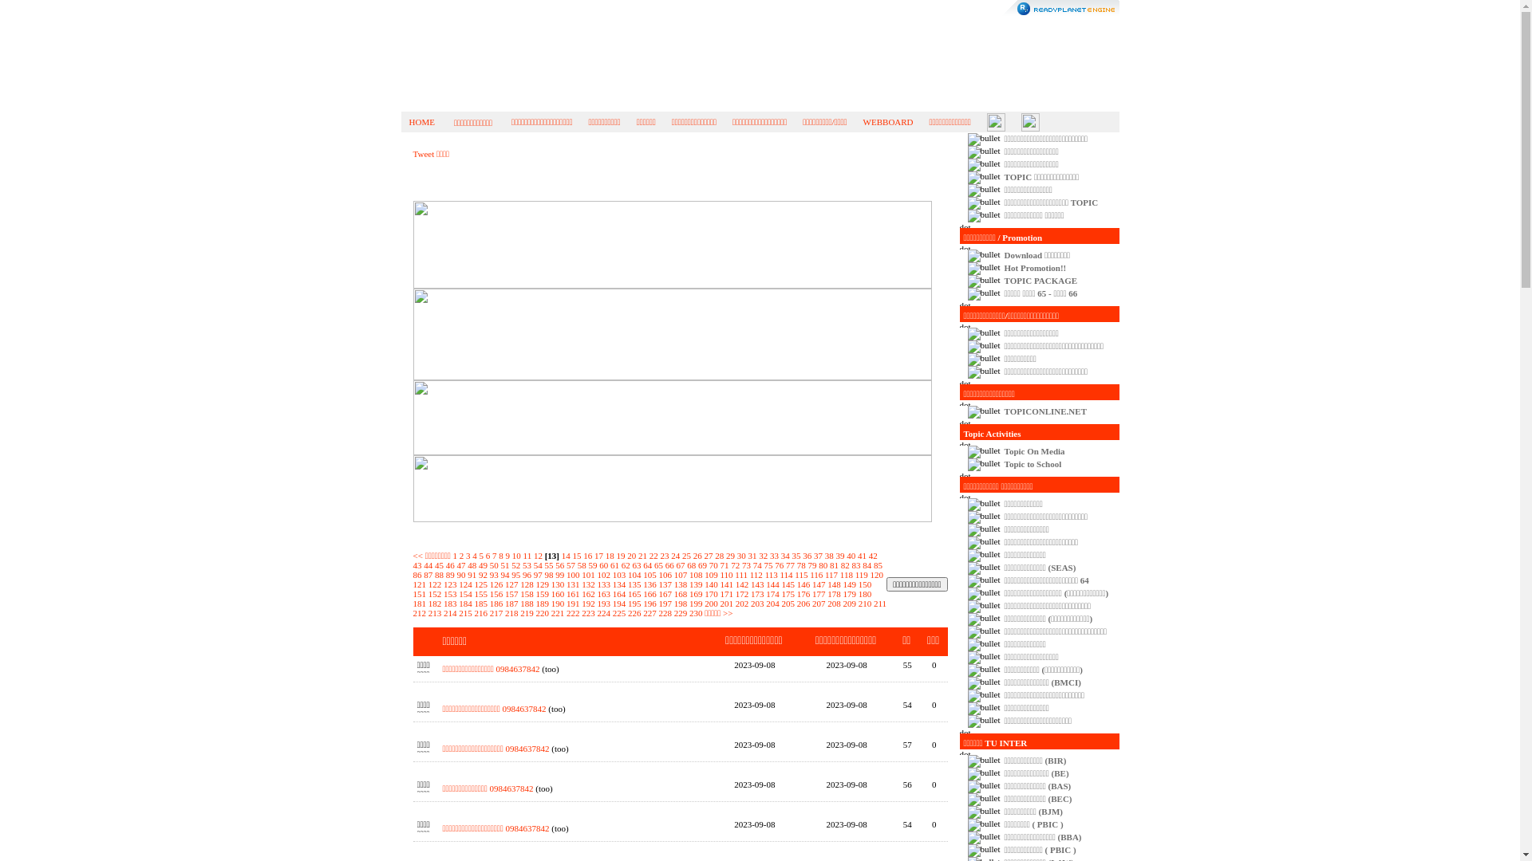  Describe the element at coordinates (435, 584) in the screenshot. I see `'122'` at that location.